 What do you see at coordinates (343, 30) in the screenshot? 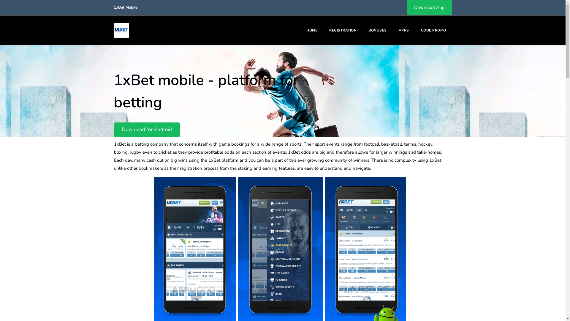
I see `'REGISTRATION'` at bounding box center [343, 30].